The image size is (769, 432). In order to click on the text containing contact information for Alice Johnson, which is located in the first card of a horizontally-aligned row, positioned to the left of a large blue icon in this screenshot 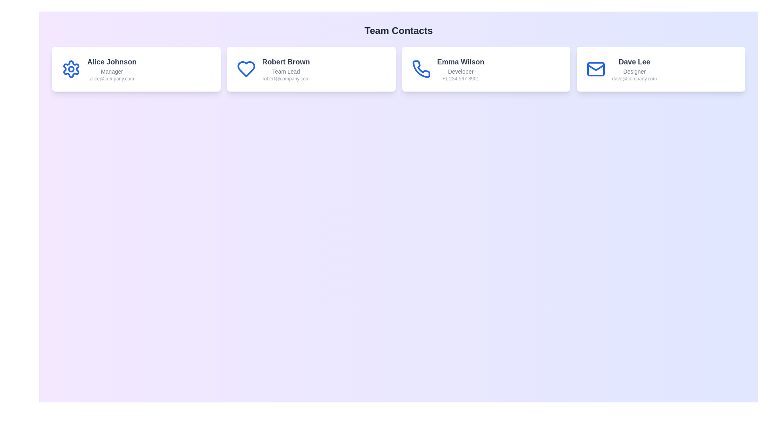, I will do `click(111, 69)`.